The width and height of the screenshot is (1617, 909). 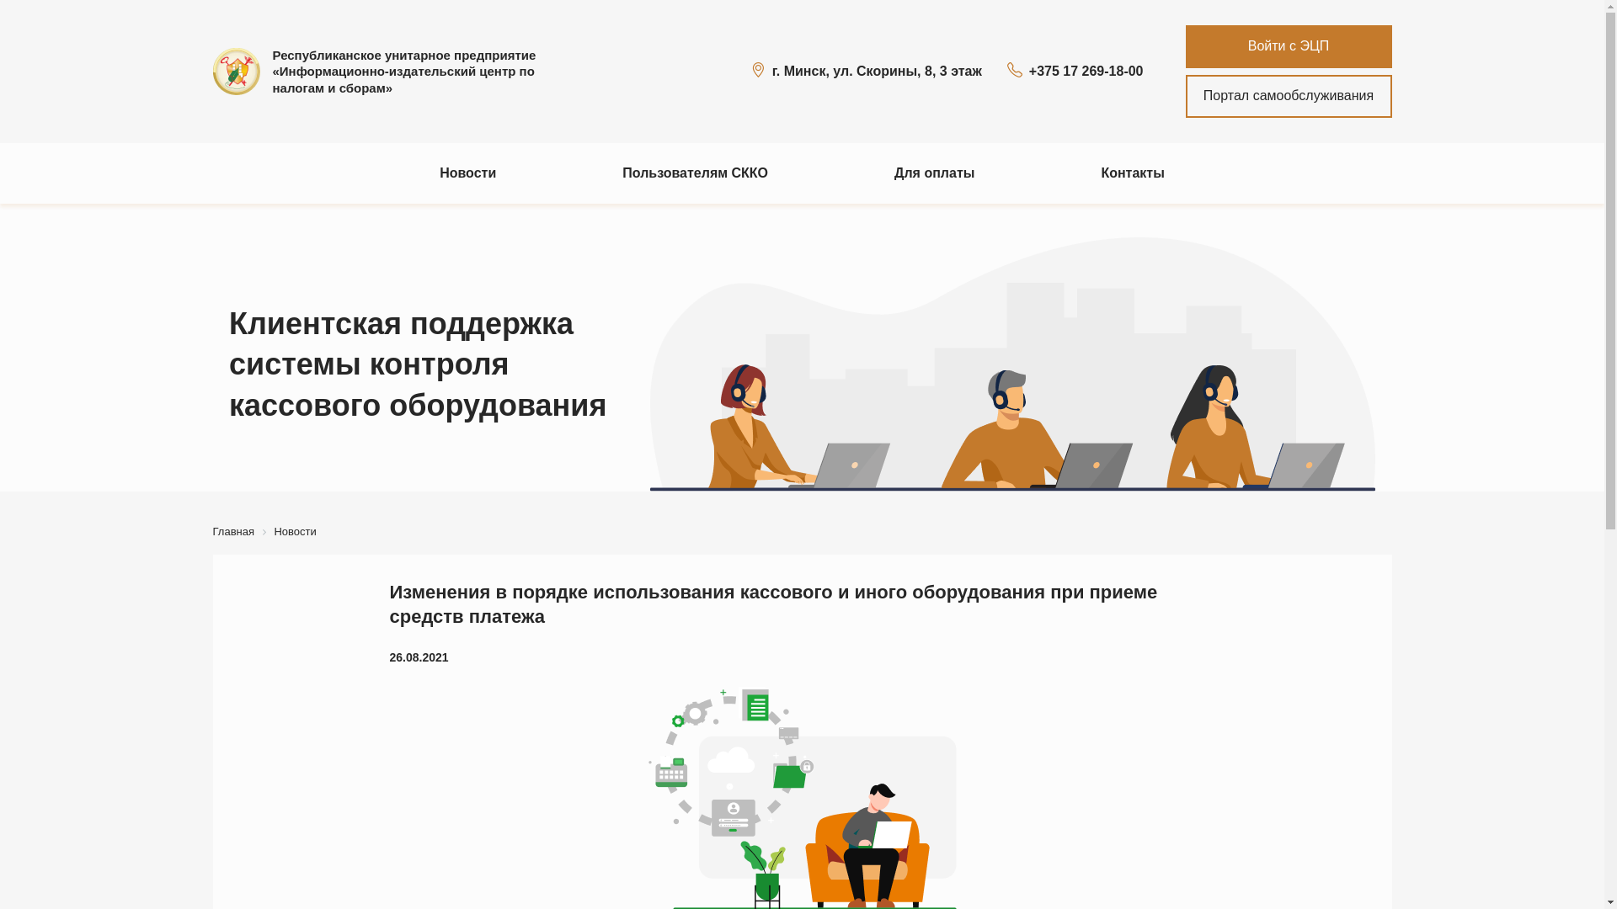 What do you see at coordinates (1074, 70) in the screenshot?
I see `'+375 17 269-18-00'` at bounding box center [1074, 70].